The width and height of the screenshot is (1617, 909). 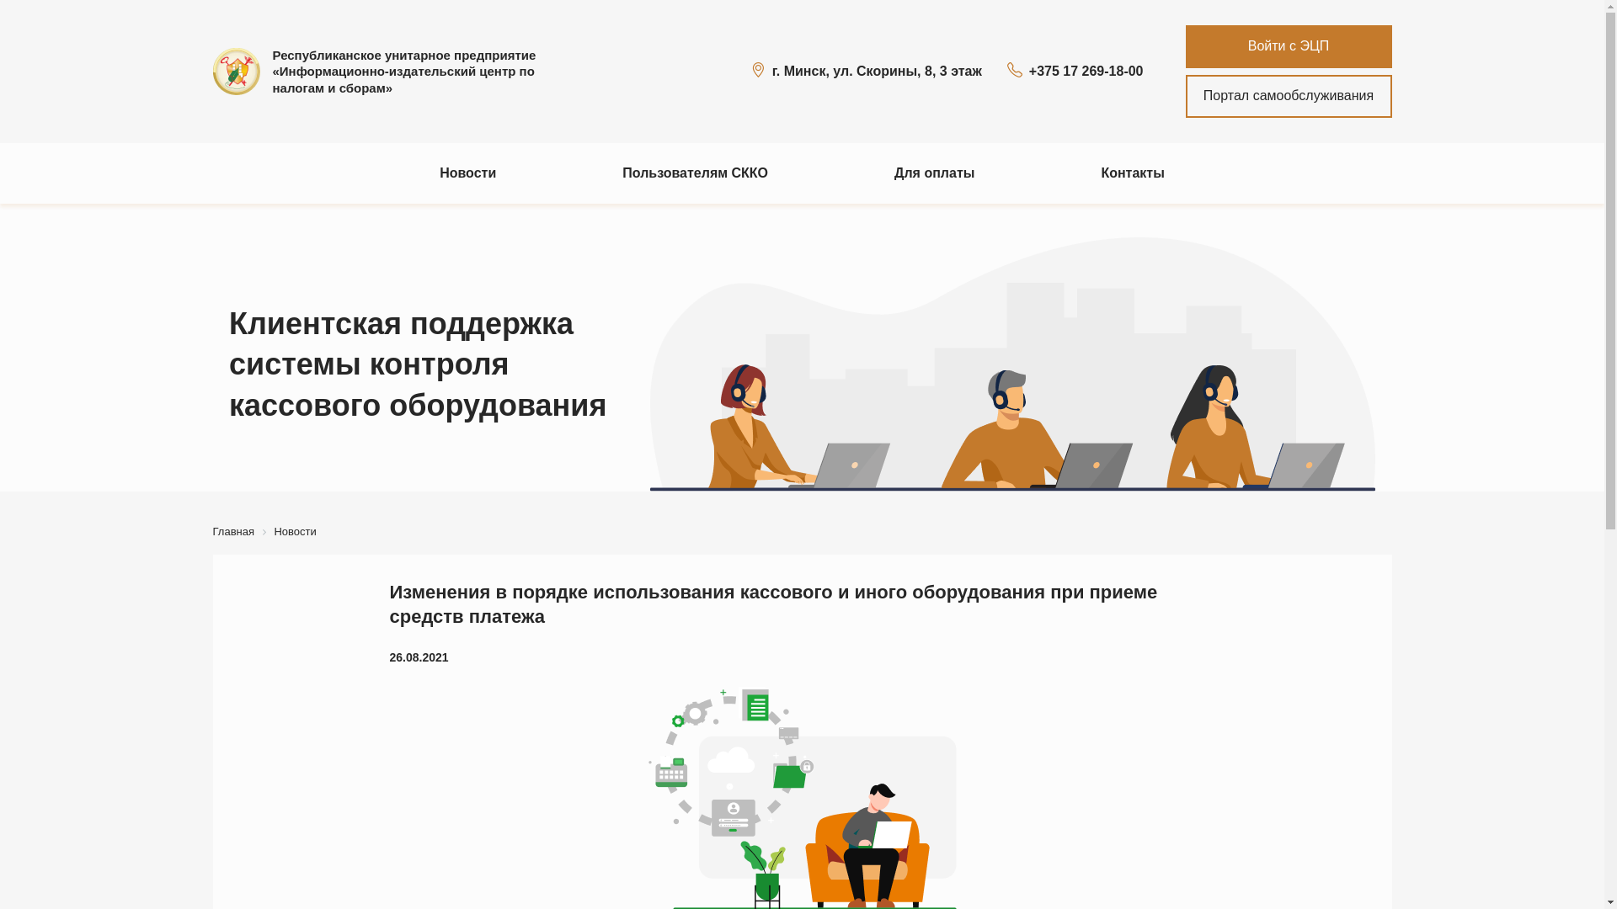 What do you see at coordinates (1074, 70) in the screenshot?
I see `'+375 17 269-18-00'` at bounding box center [1074, 70].